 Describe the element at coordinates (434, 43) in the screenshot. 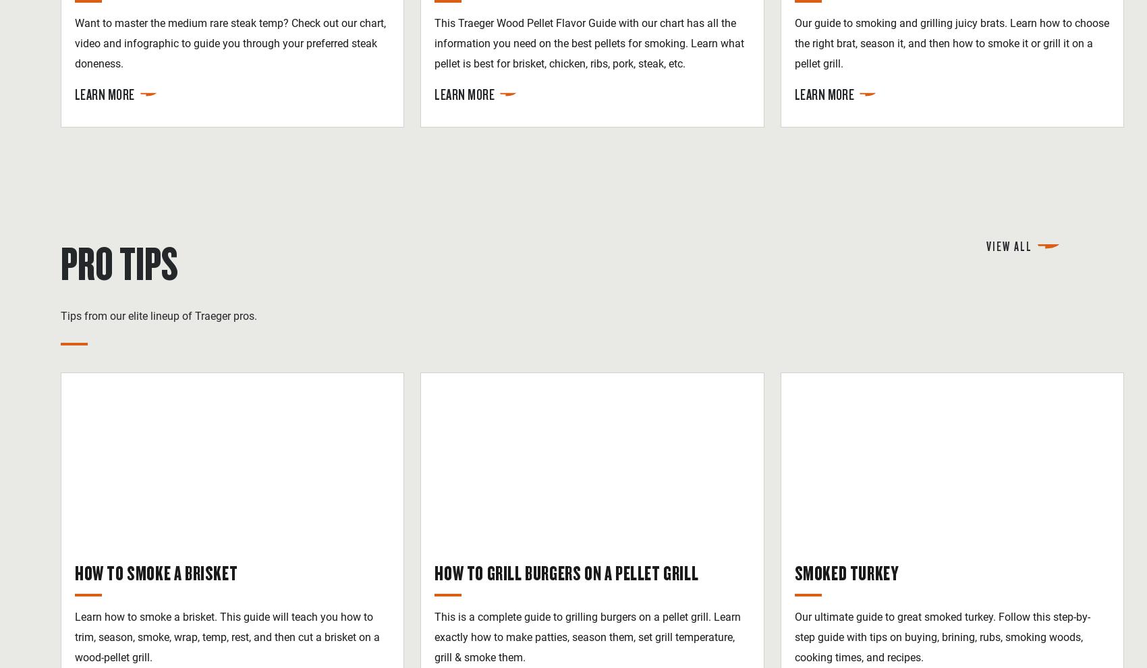

I see `'This Traeger Wood Pellet Flavor Guide with our chart has all the information you need on the best pellets for smoking. Learn what pellet is best for brisket, chicken, ribs, pork, steak, etc.'` at that location.